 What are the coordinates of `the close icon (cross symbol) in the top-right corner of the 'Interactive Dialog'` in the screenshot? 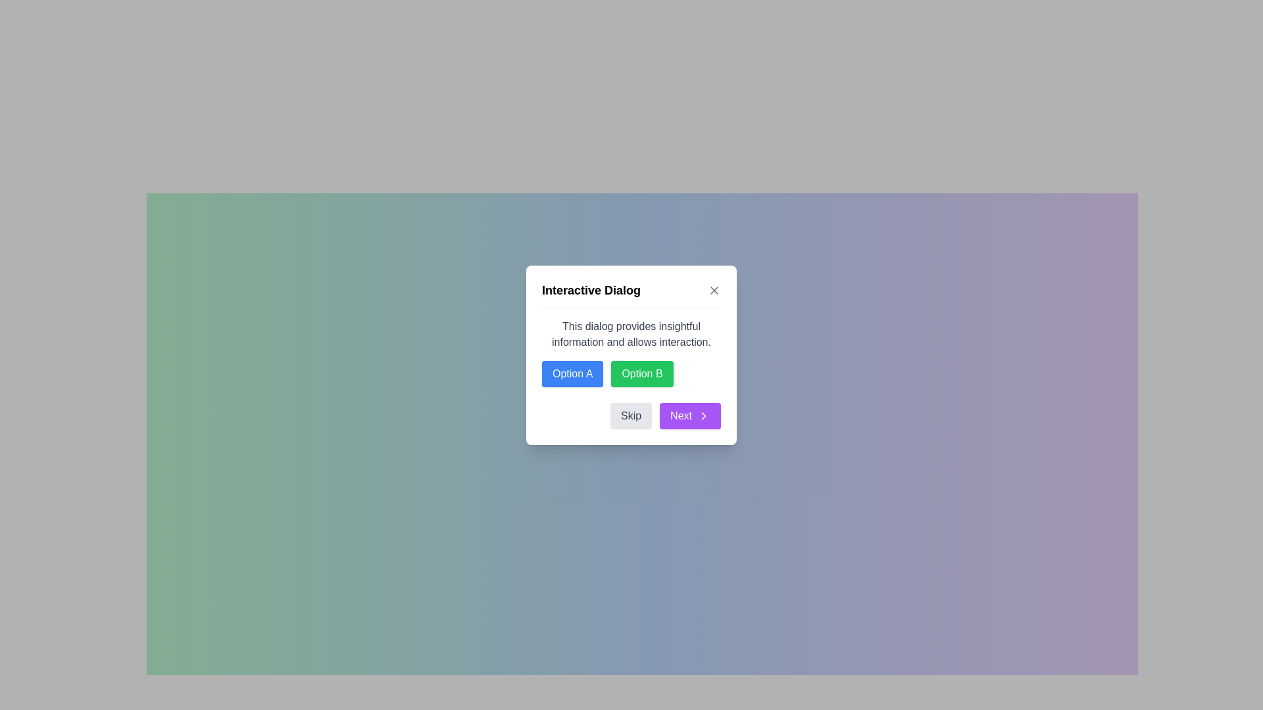 It's located at (713, 289).